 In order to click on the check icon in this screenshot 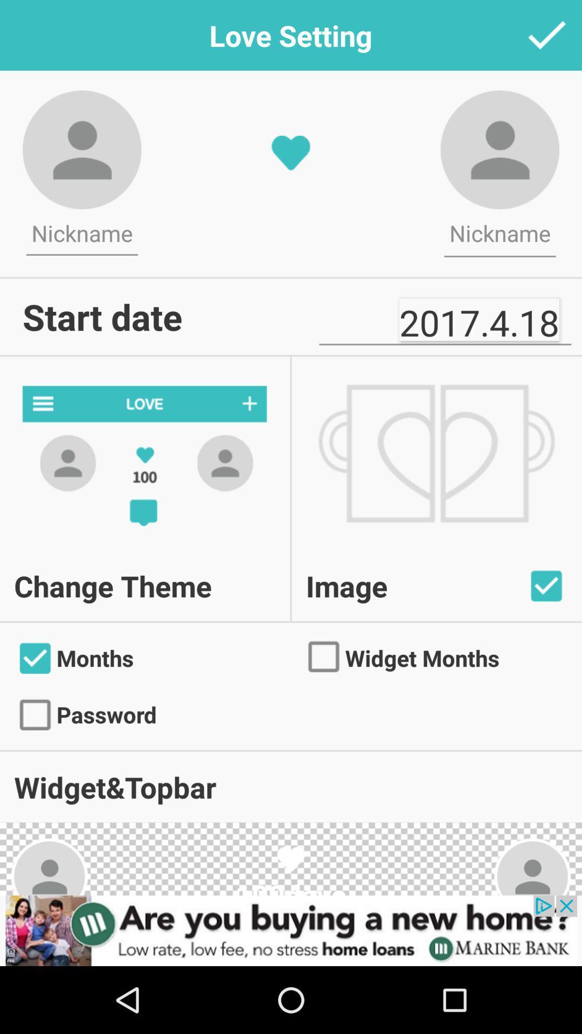, I will do `click(546, 627)`.